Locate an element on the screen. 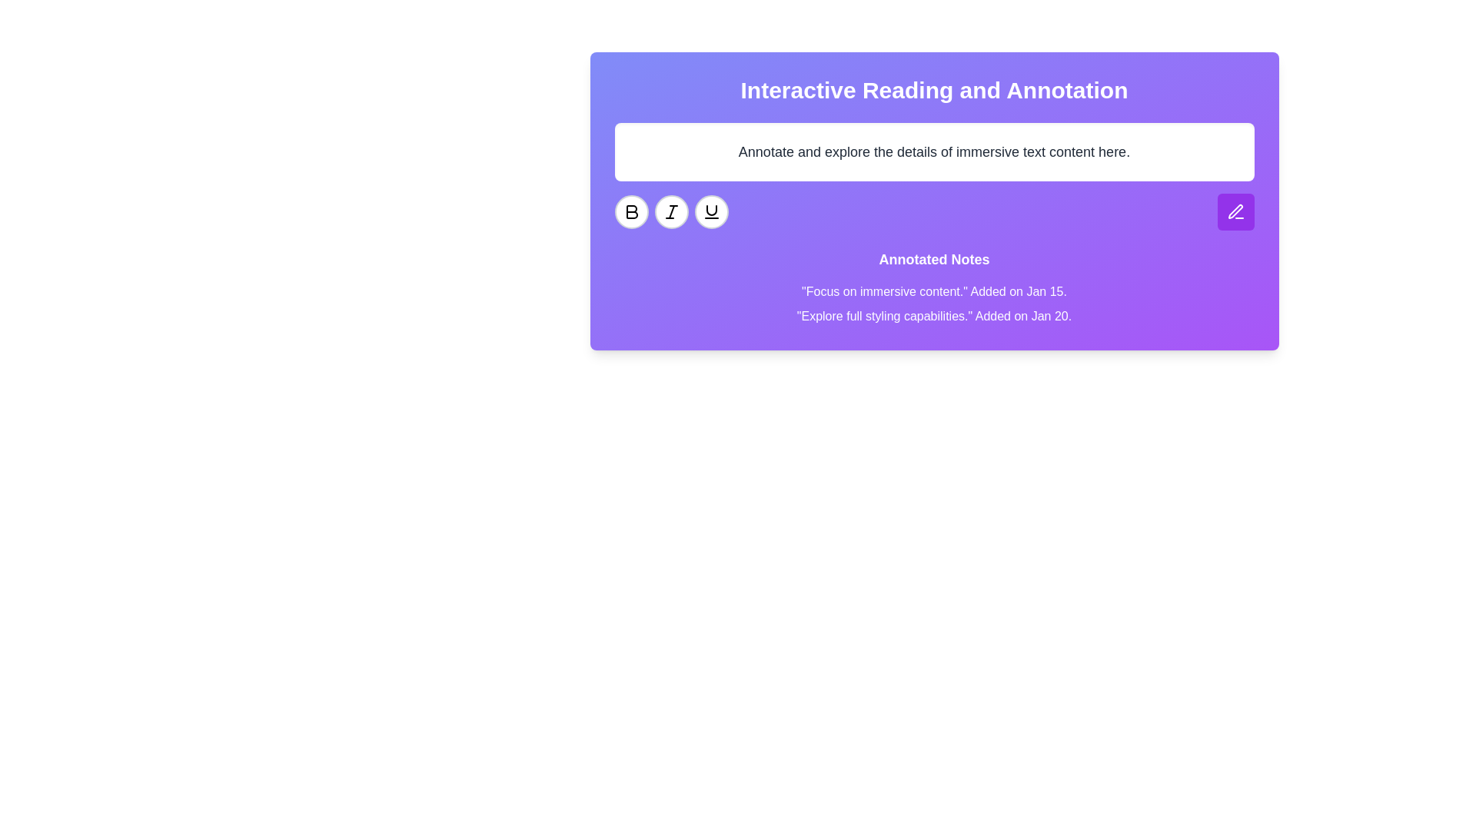 The height and width of the screenshot is (830, 1476). the text label that reads 'Focus on immersive content.' with a white font color against a gradient purple background, located below the 'Annotated Notes' heading is located at coordinates (933, 292).